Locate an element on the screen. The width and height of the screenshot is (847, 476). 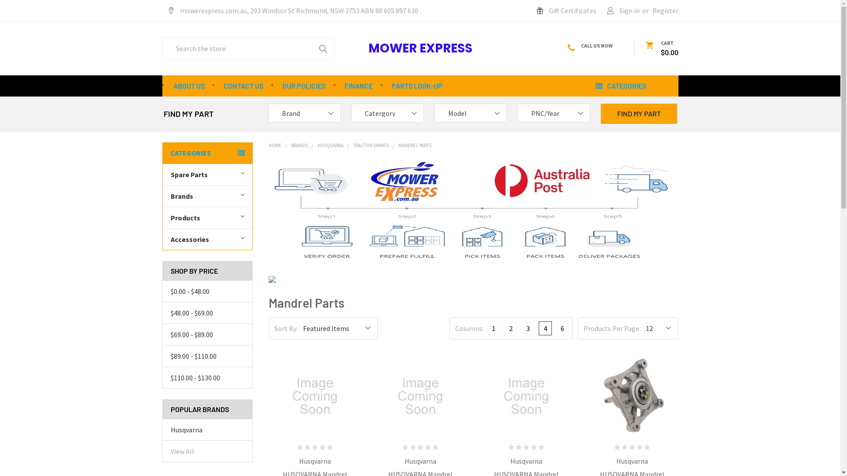
'Gift Certificates' is located at coordinates (566, 10).